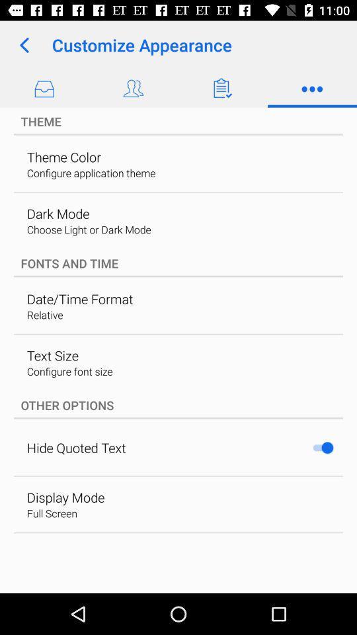 The height and width of the screenshot is (635, 357). What do you see at coordinates (322, 448) in the screenshot?
I see `icon below the other options app` at bounding box center [322, 448].